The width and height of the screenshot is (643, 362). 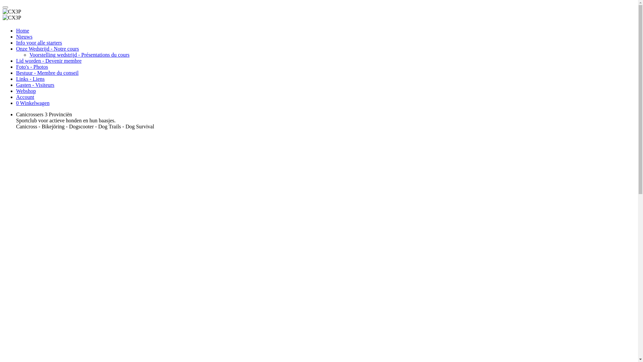 I want to click on 'Lid worden - Devenir membre', so click(x=16, y=61).